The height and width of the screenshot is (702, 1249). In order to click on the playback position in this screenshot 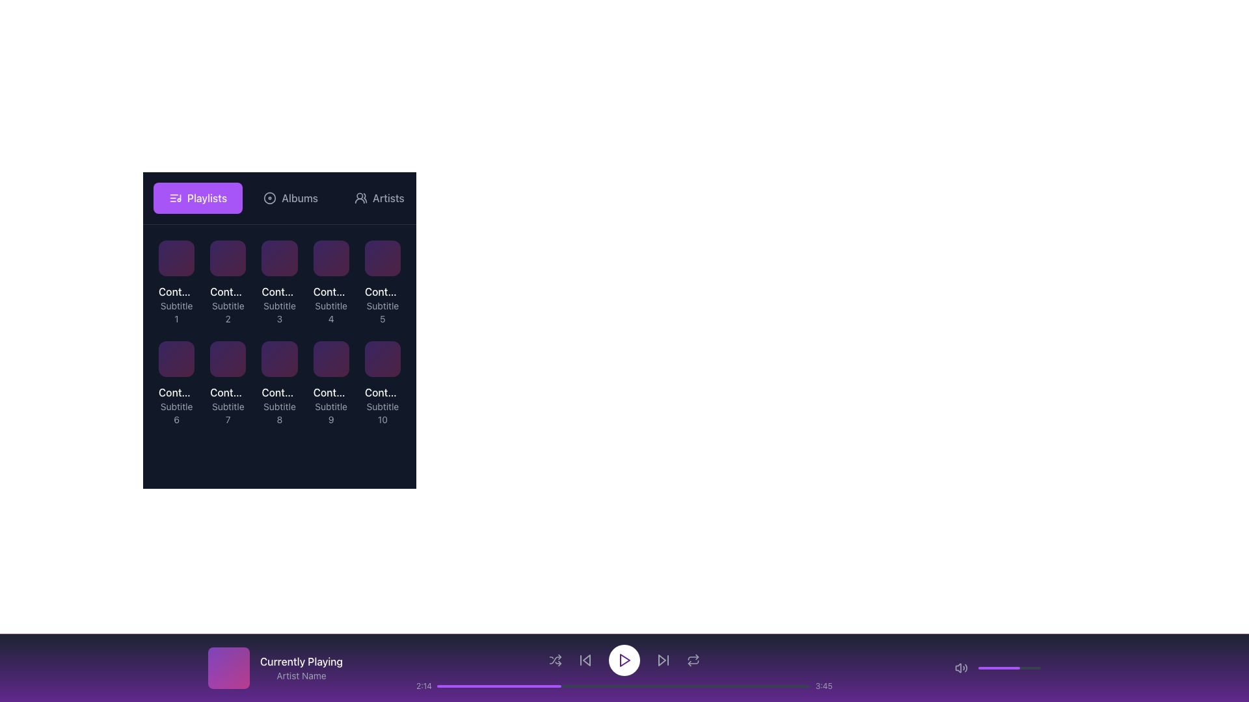, I will do `click(639, 686)`.